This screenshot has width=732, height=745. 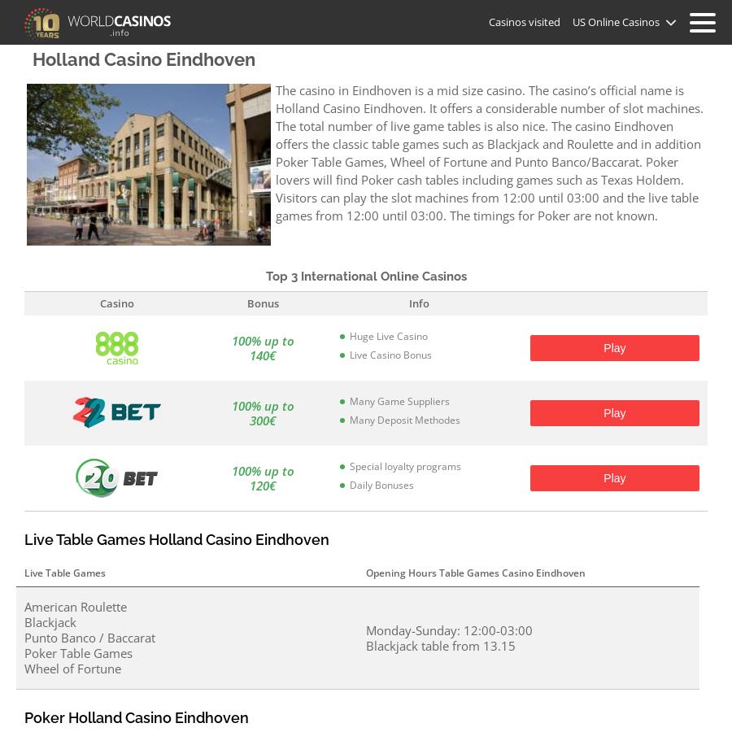 I want to click on 'Holland Casino Eindhoven', so click(x=144, y=59).